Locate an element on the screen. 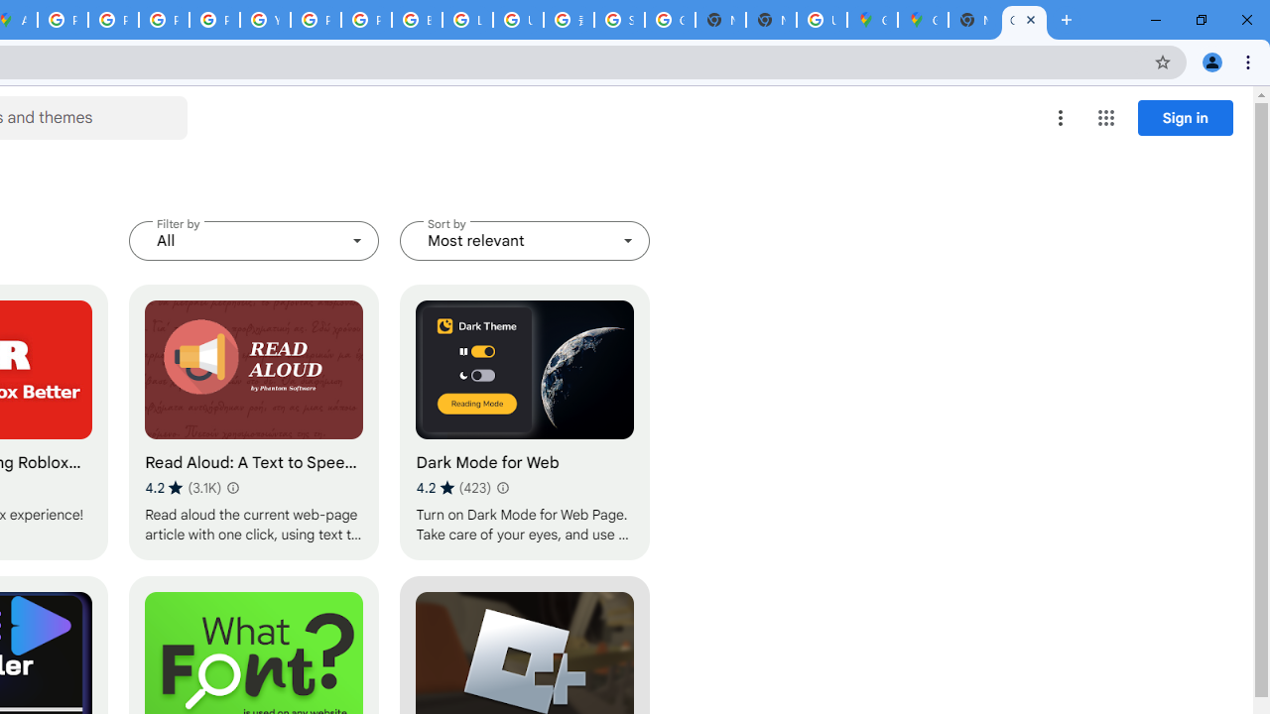 The height and width of the screenshot is (714, 1270). 'YouTube' is located at coordinates (264, 20).